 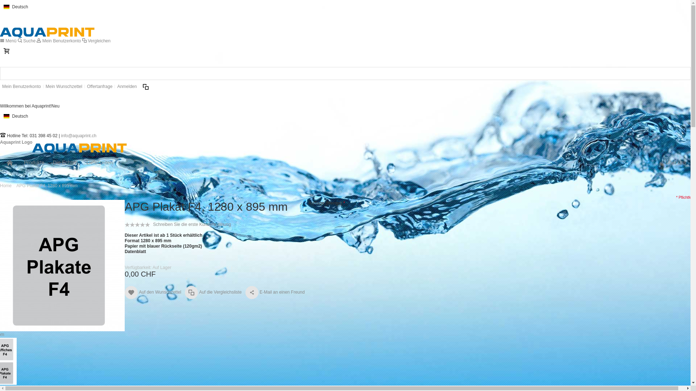 I want to click on 'Schreiben Sie die erste Kundenmeinung', so click(x=192, y=224).